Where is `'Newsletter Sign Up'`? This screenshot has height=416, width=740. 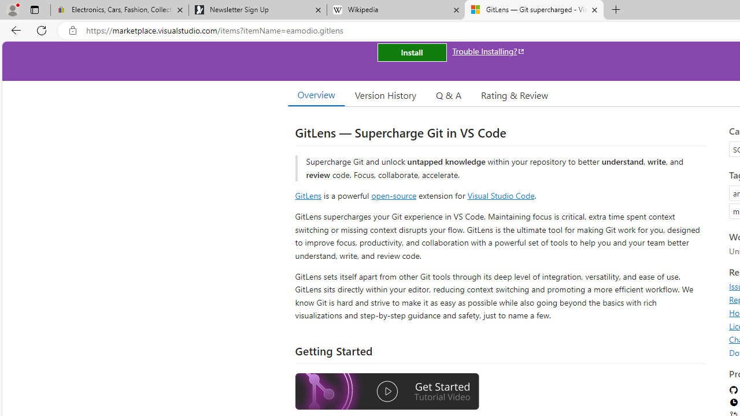
'Newsletter Sign Up' is located at coordinates (257, 10).